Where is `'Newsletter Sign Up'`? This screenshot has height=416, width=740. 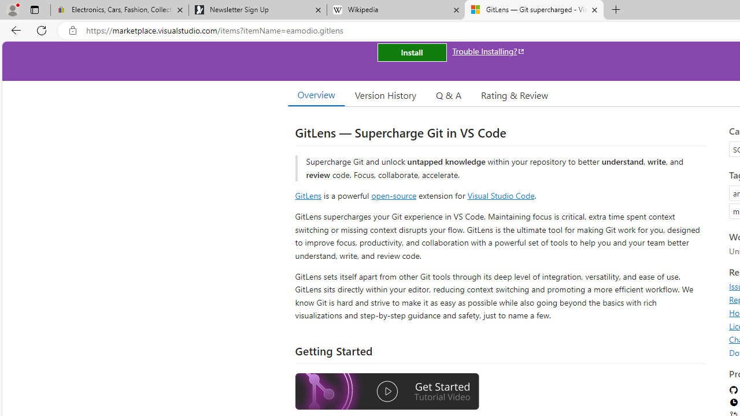
'Newsletter Sign Up' is located at coordinates (257, 10).